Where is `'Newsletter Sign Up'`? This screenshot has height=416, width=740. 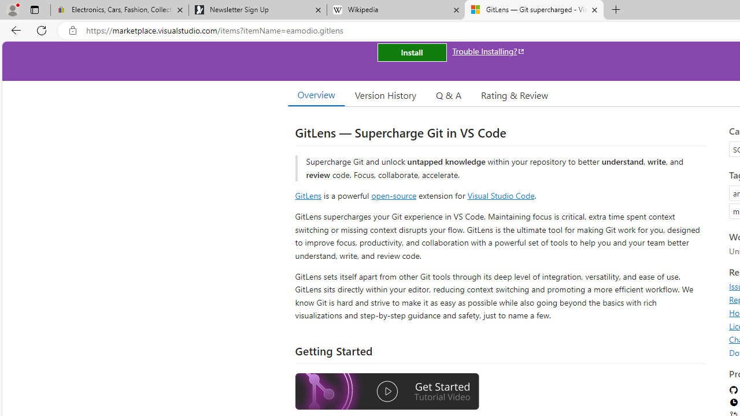
'Newsletter Sign Up' is located at coordinates (257, 10).